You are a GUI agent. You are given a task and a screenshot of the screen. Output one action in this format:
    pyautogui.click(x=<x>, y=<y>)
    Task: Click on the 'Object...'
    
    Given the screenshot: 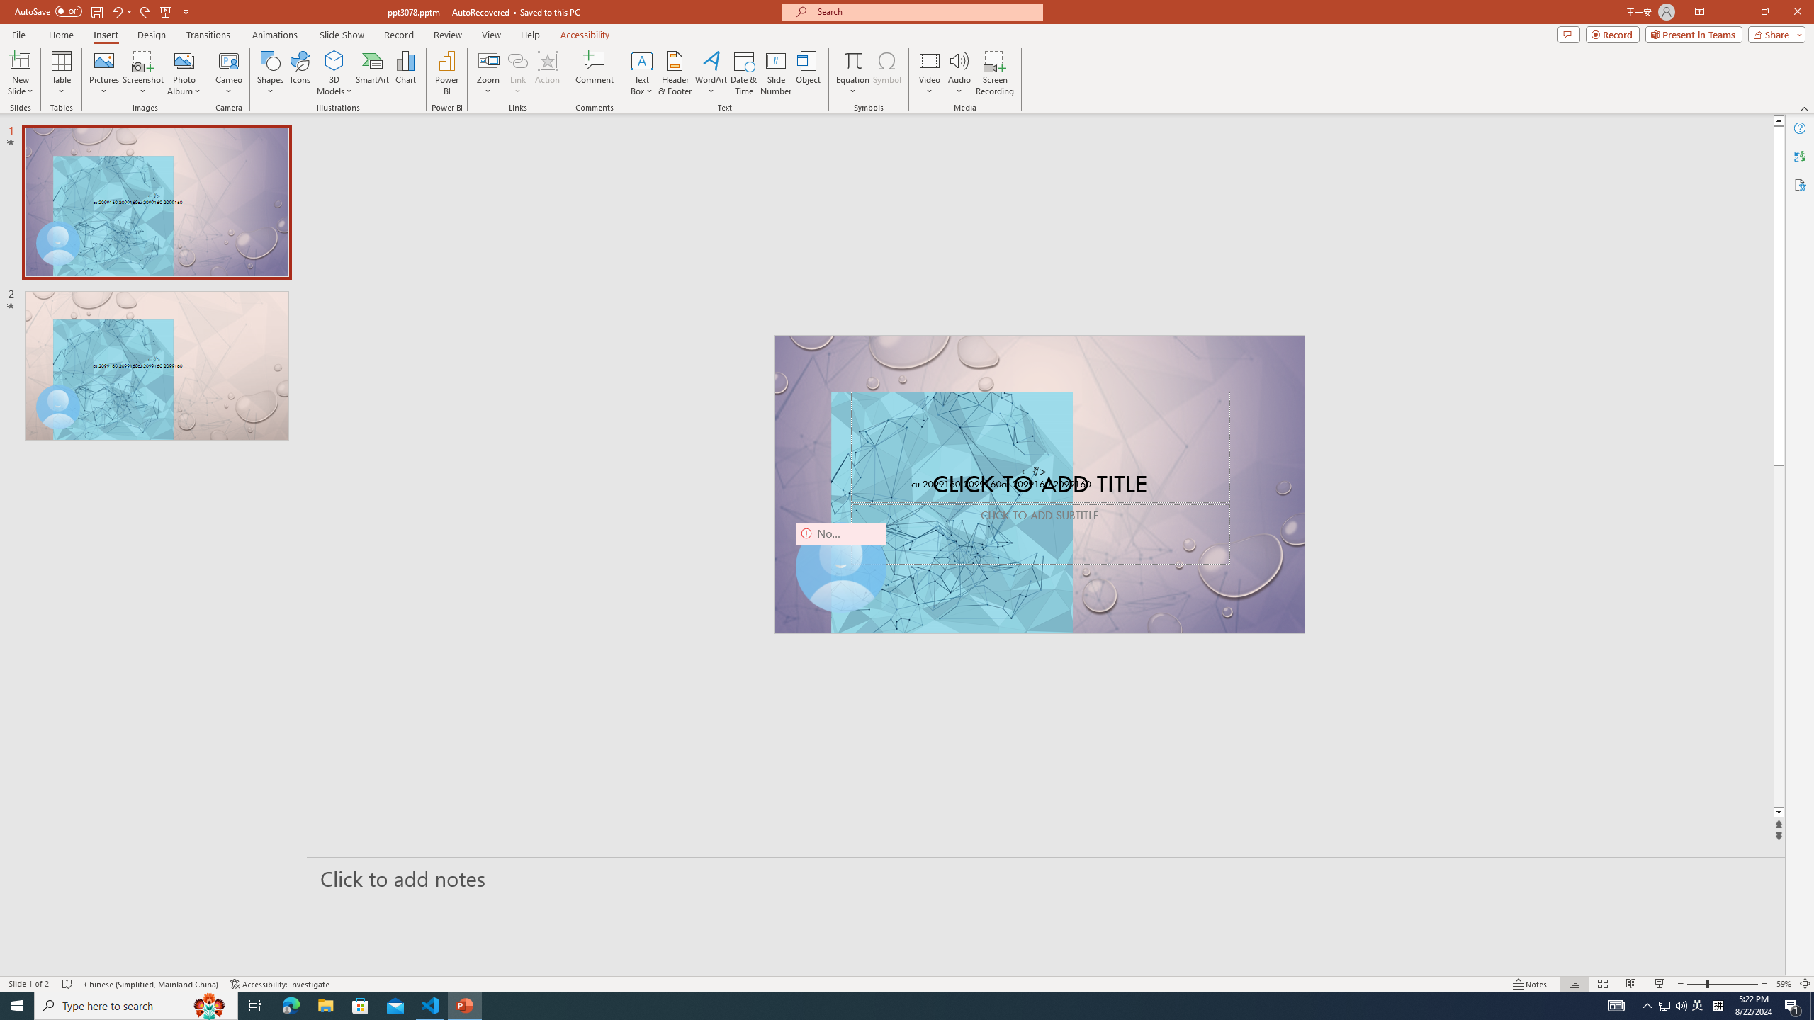 What is the action you would take?
    pyautogui.click(x=809, y=73)
    